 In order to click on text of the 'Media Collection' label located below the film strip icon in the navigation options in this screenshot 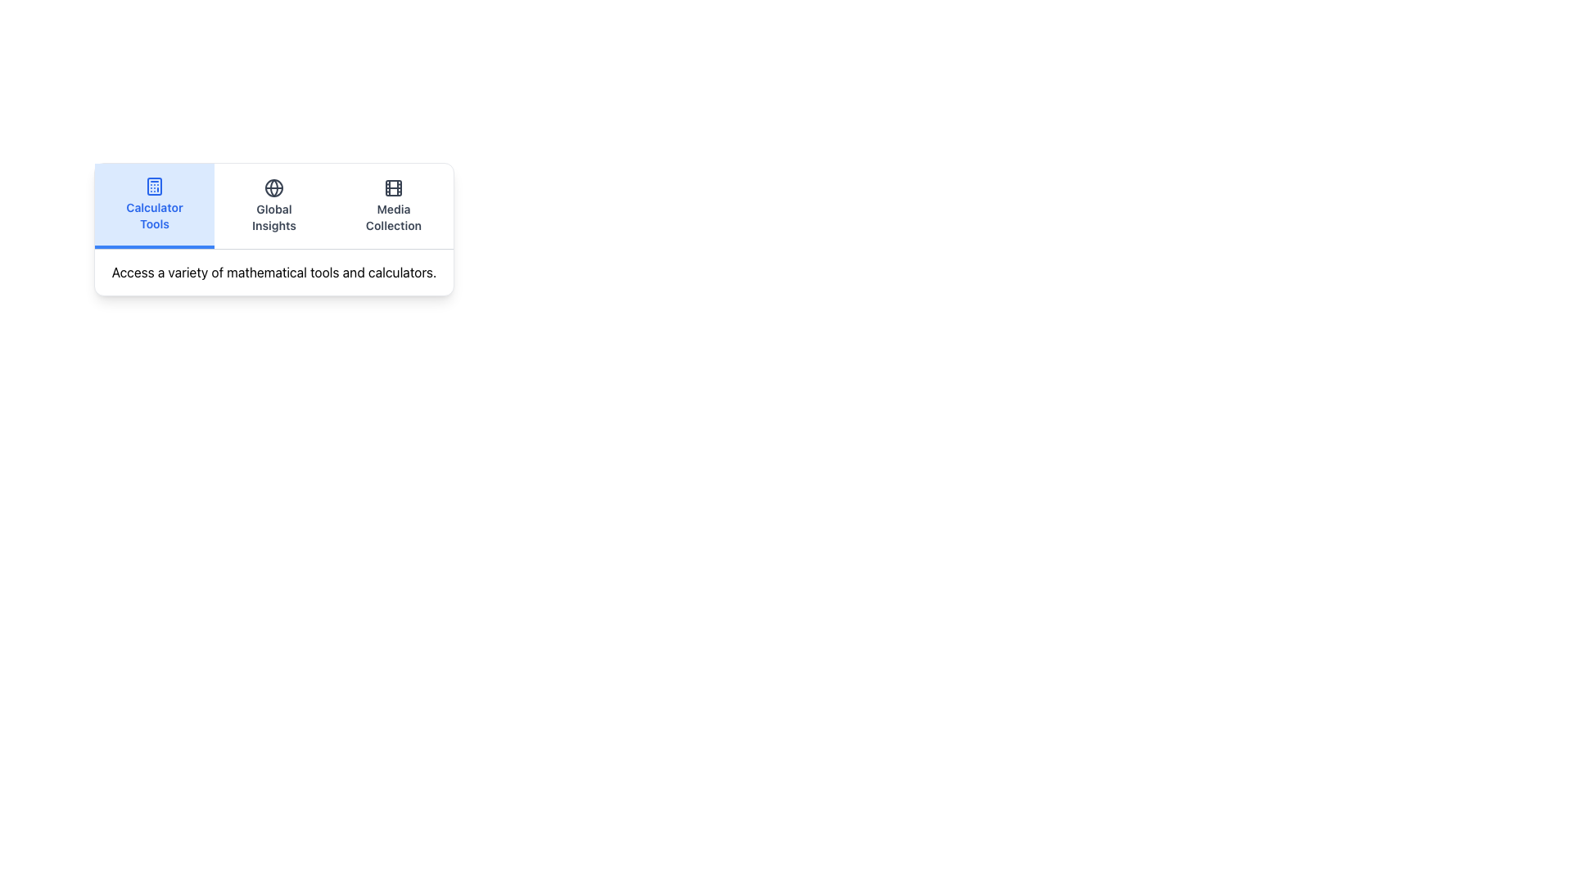, I will do `click(393, 217)`.